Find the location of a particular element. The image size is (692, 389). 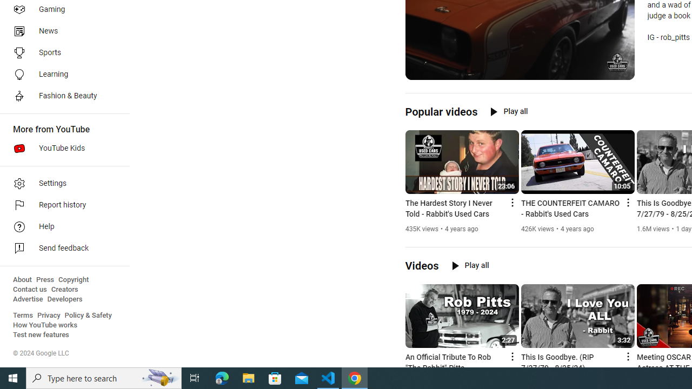

'Policy & Safety' is located at coordinates (88, 316).